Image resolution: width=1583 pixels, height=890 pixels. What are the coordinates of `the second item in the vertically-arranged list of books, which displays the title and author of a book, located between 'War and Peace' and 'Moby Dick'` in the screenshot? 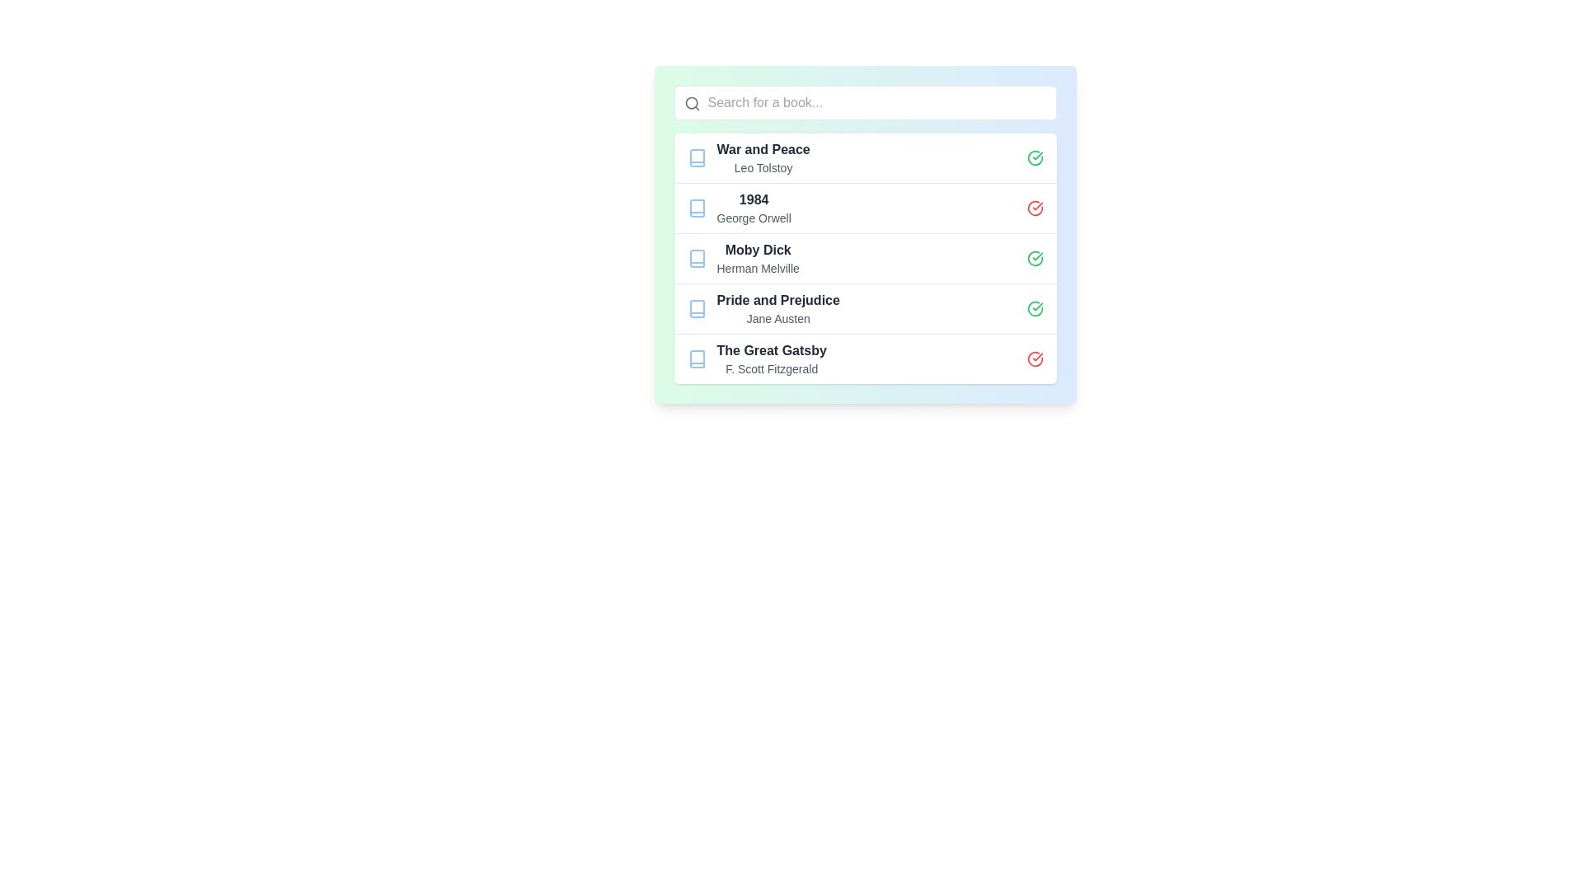 It's located at (753, 208).